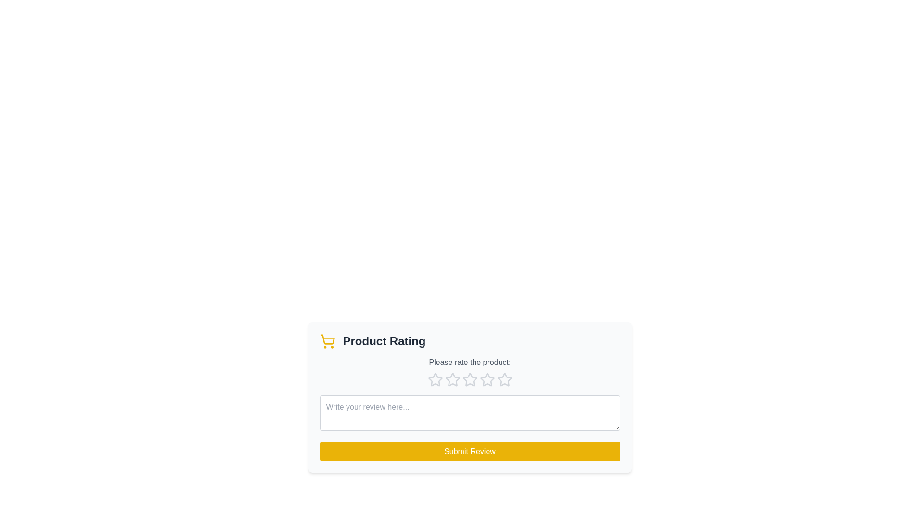  Describe the element at coordinates (470, 362) in the screenshot. I see `the text element that reads 'Please rate the product:' located within the 'Product Rating' section, positioned below the section title and above the star icons` at that location.